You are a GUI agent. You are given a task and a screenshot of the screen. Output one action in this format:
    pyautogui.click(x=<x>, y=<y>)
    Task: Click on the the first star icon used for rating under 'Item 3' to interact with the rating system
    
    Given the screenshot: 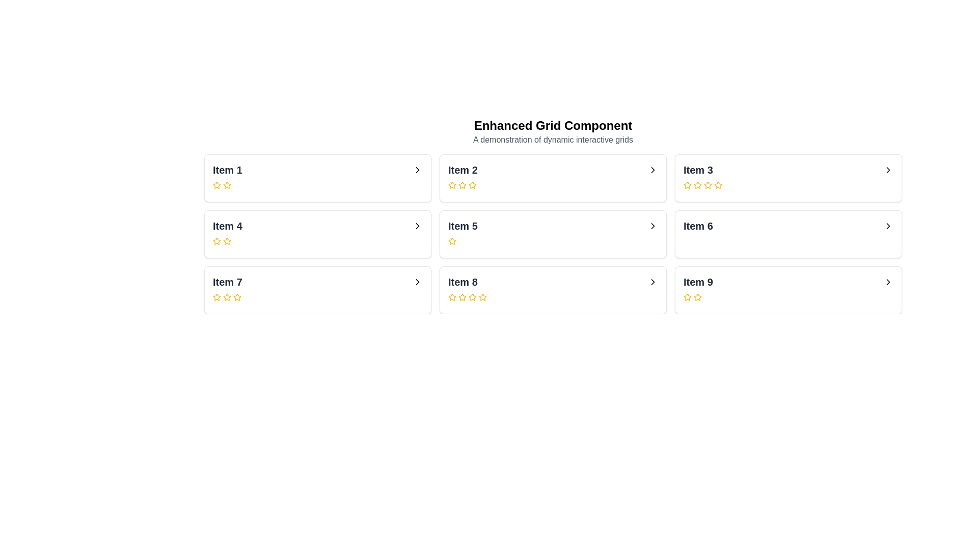 What is the action you would take?
    pyautogui.click(x=687, y=185)
    